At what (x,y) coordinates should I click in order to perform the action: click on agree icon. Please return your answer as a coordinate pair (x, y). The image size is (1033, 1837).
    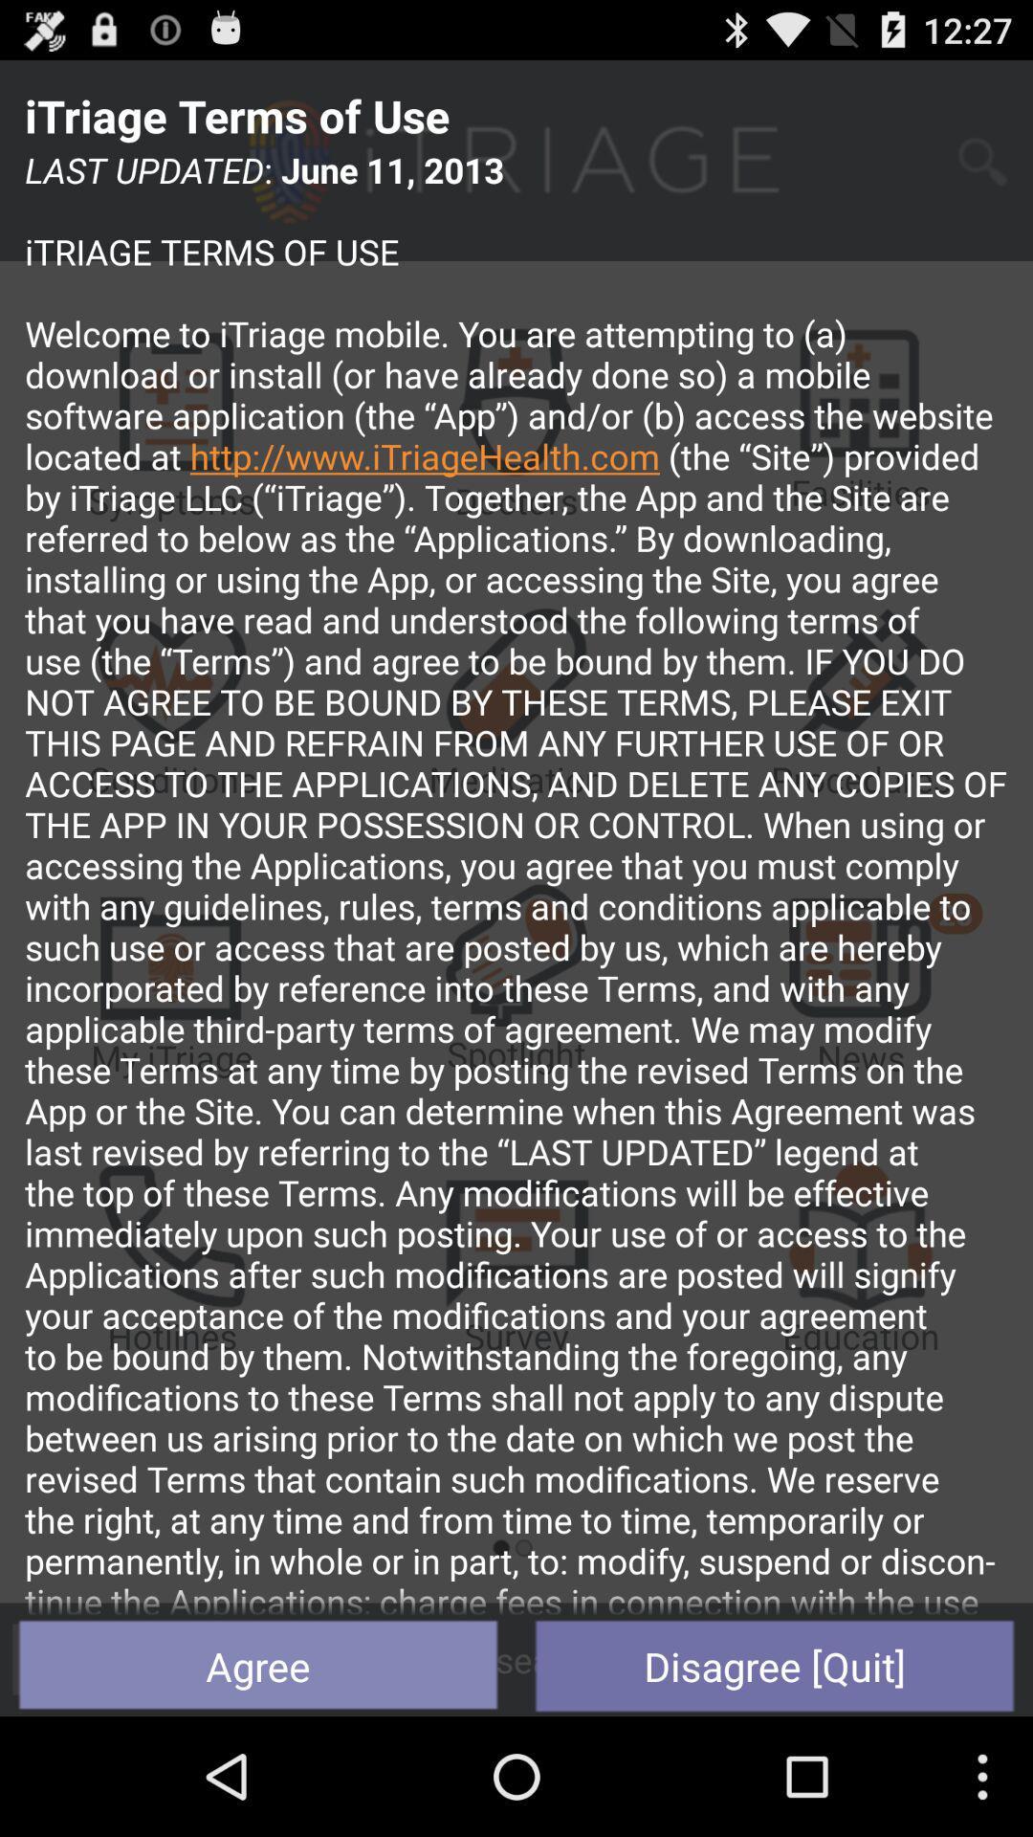
    Looking at the image, I should click on (258, 1665).